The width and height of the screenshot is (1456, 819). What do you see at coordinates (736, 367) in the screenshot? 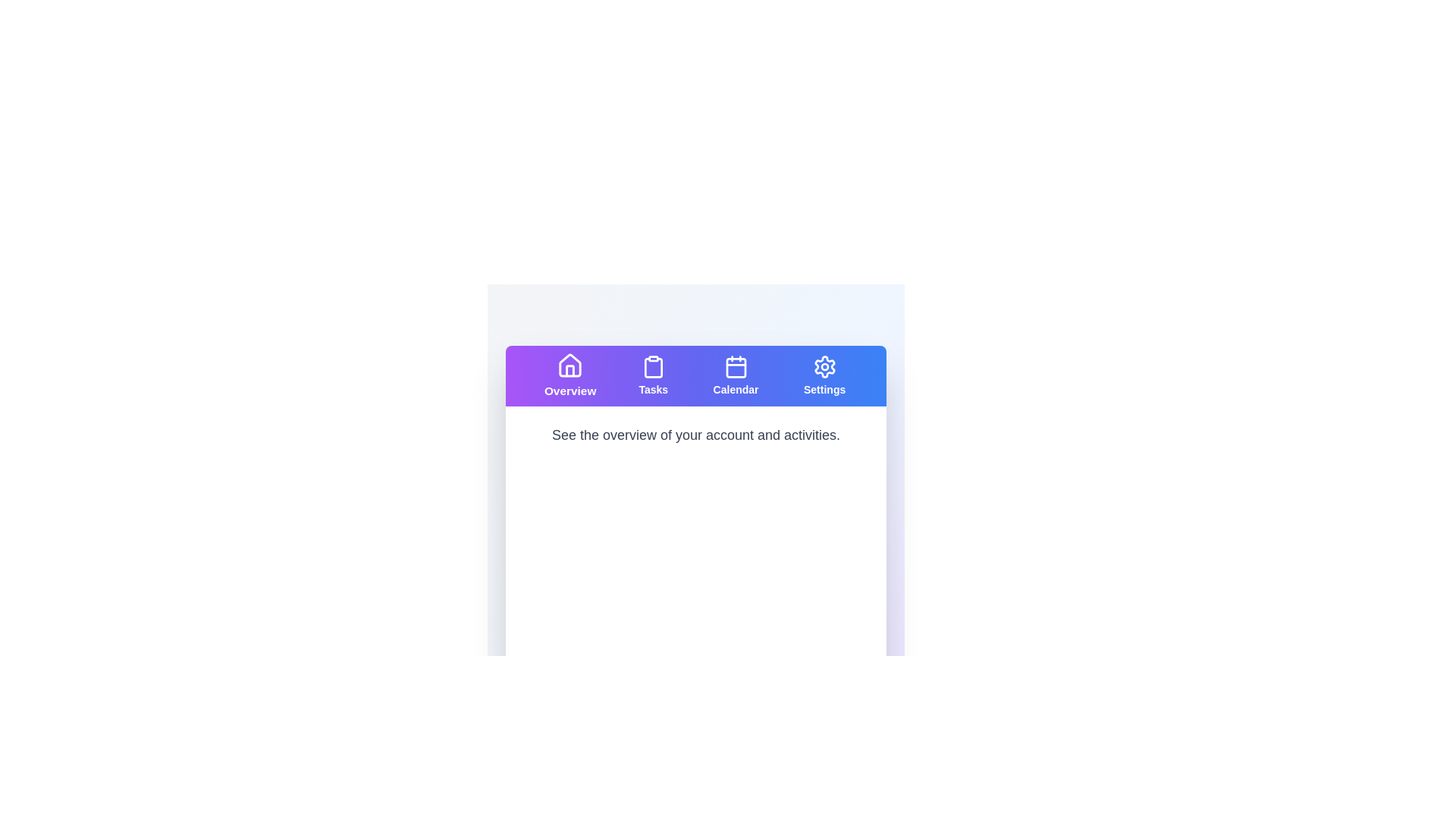
I see `the 'Calendar' icon located in the top navigation bar` at bounding box center [736, 367].